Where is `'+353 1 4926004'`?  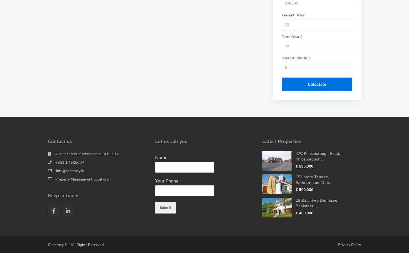
'+353 1 4926004' is located at coordinates (69, 162).